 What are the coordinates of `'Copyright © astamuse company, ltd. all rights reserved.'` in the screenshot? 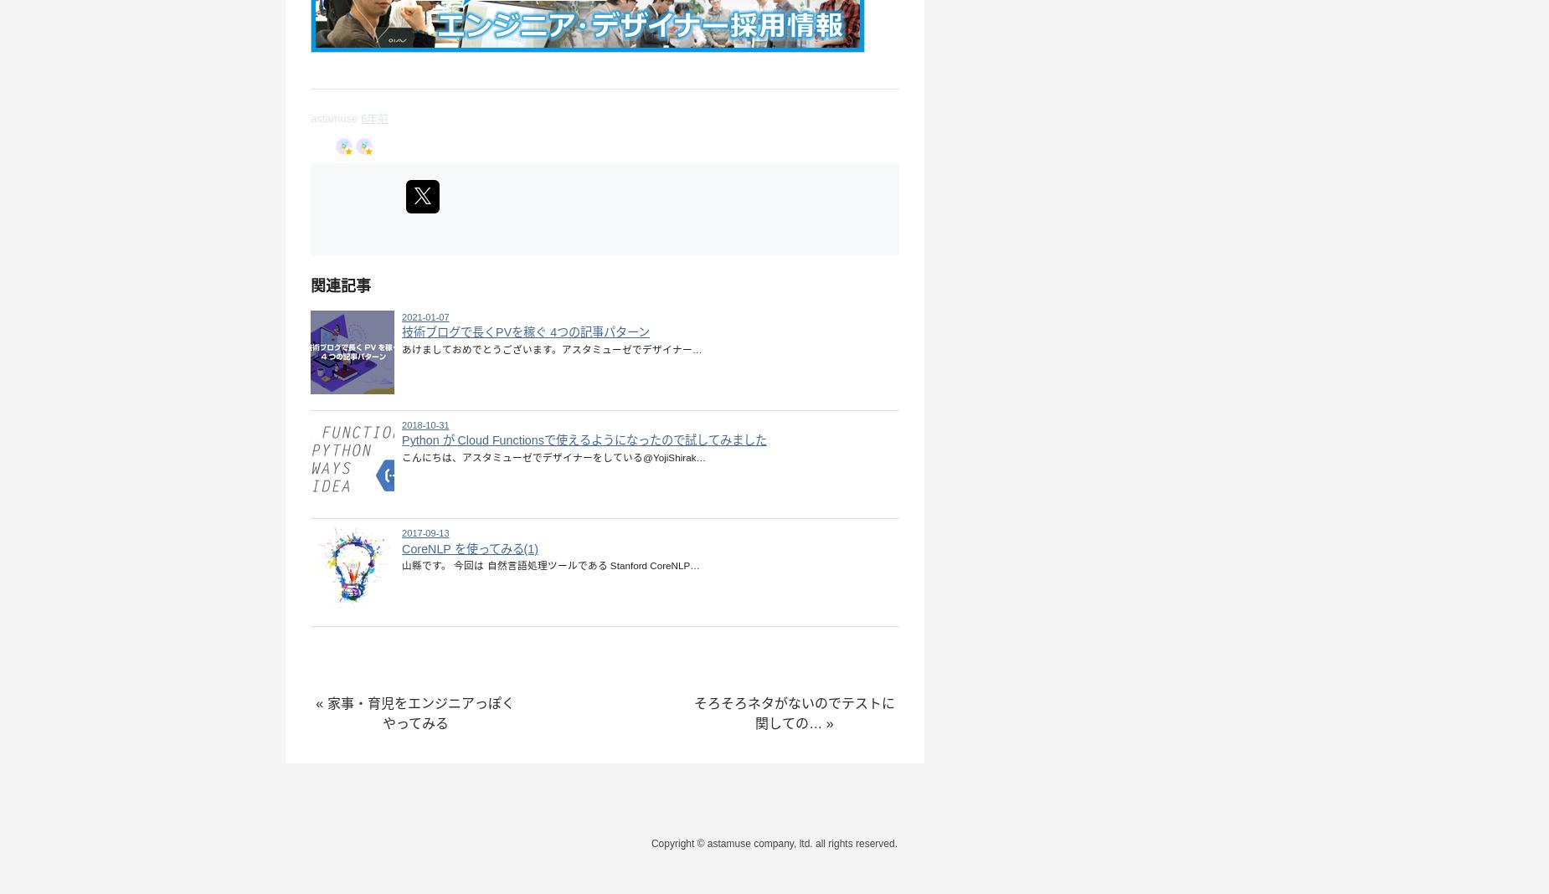 It's located at (774, 843).